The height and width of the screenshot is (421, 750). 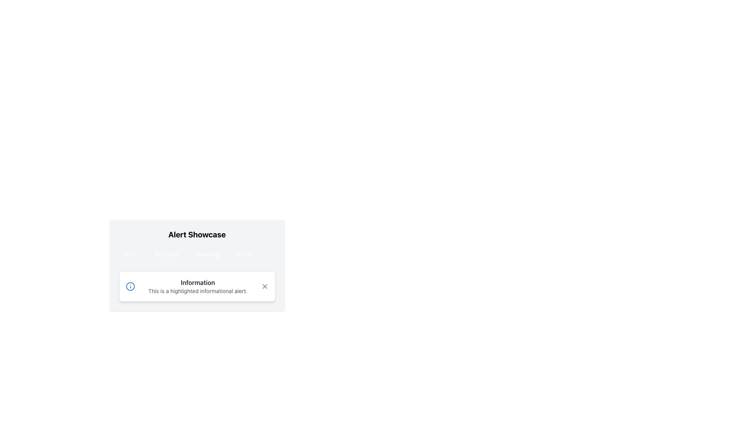 I want to click on the bold text header labeled 'Alert Showcase' which is positioned at the top center of the card-like structure, so click(x=197, y=234).